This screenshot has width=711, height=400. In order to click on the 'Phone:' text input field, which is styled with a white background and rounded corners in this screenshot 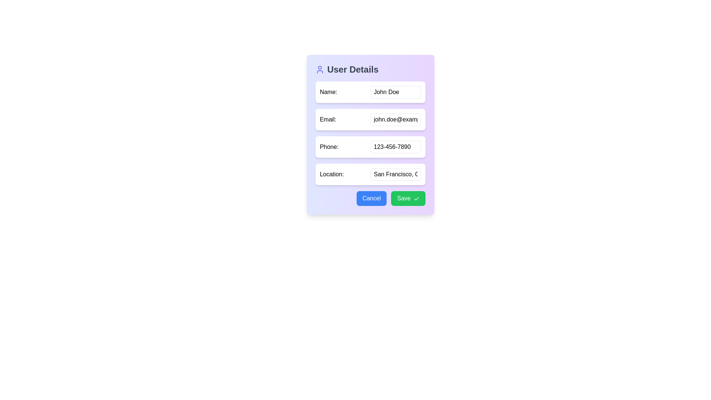, I will do `click(370, 134)`.